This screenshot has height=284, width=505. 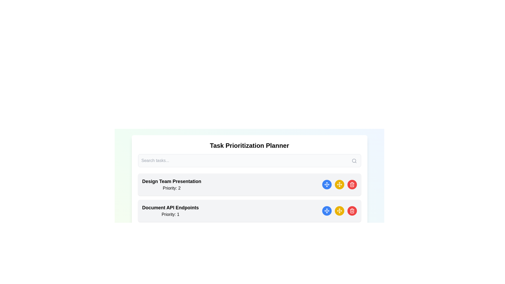 I want to click on the leftmost drag handle button in the first row of action buttons for 'Design Team Presentation' to initiate a drag-and-drop action, so click(x=326, y=184).